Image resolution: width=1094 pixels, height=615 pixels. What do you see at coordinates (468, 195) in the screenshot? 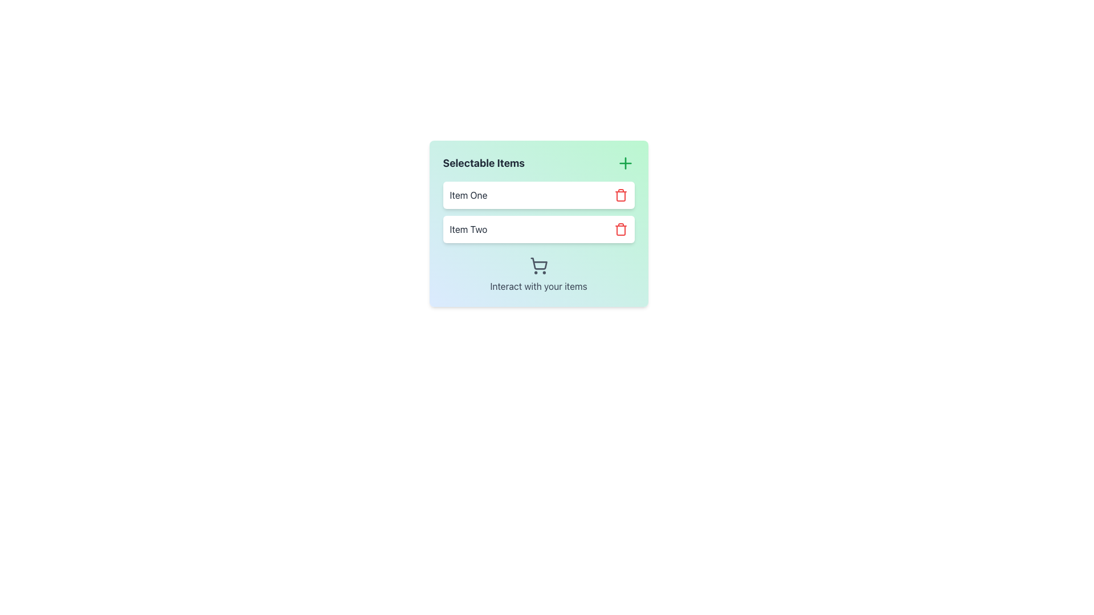
I see `the text label element displaying 'Item One'` at bounding box center [468, 195].